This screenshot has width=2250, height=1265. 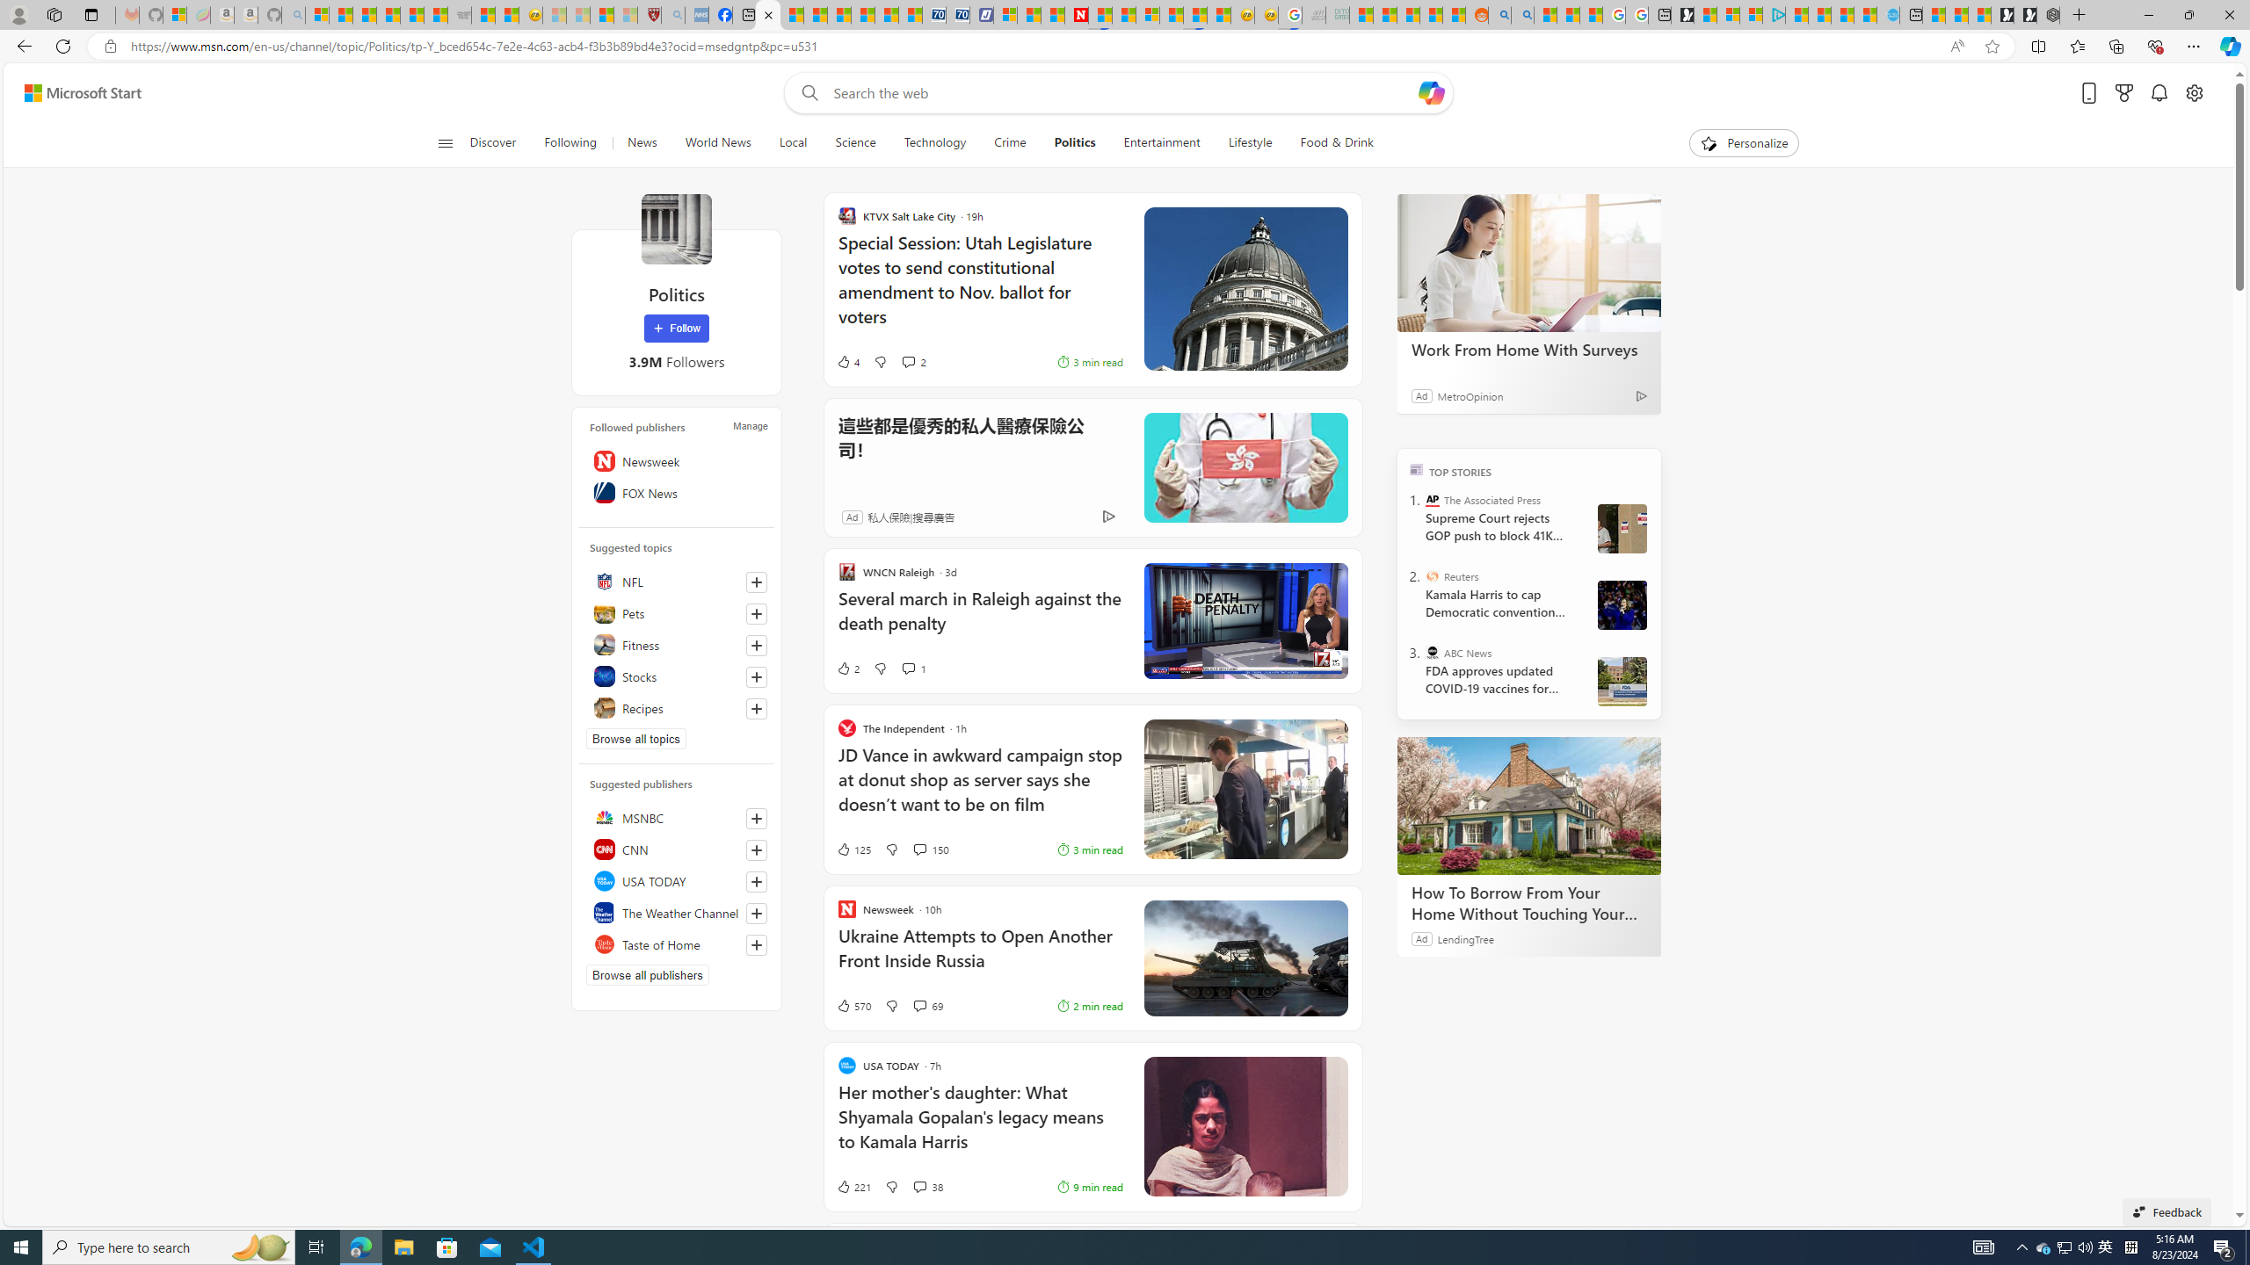 I want to click on 'View comments 150 Comment', so click(x=918, y=848).